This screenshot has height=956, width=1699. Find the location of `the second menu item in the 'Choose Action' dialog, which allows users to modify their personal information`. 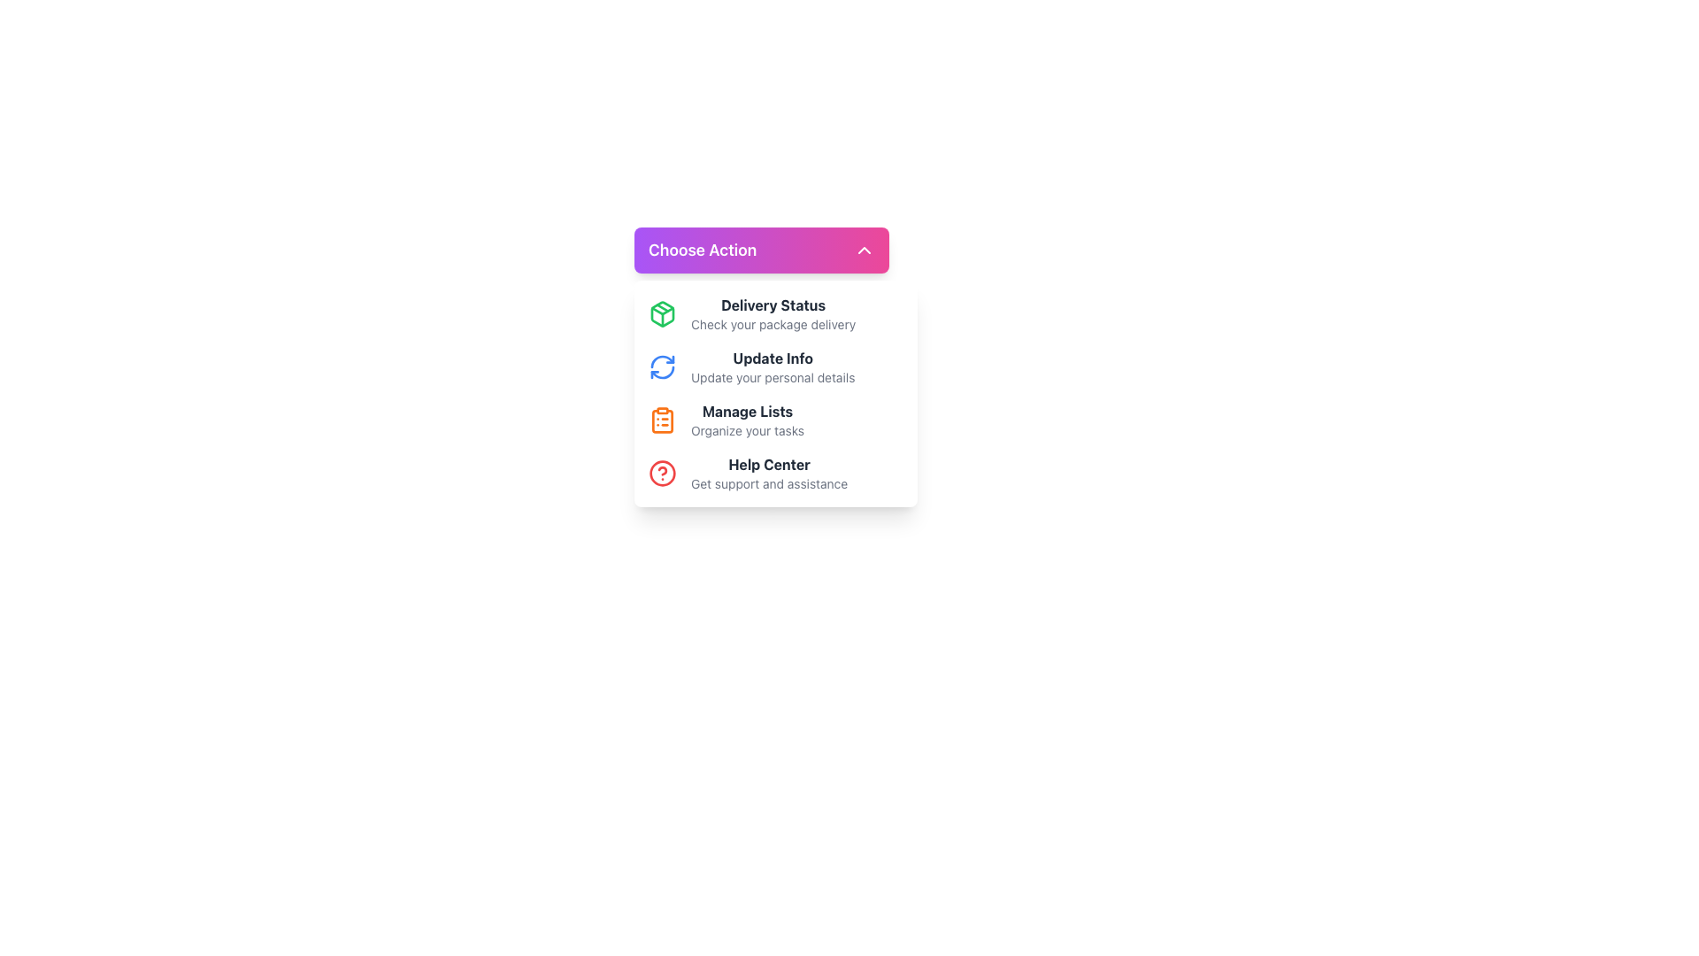

the second menu item in the 'Choose Action' dialog, which allows users to modify their personal information is located at coordinates (776, 366).